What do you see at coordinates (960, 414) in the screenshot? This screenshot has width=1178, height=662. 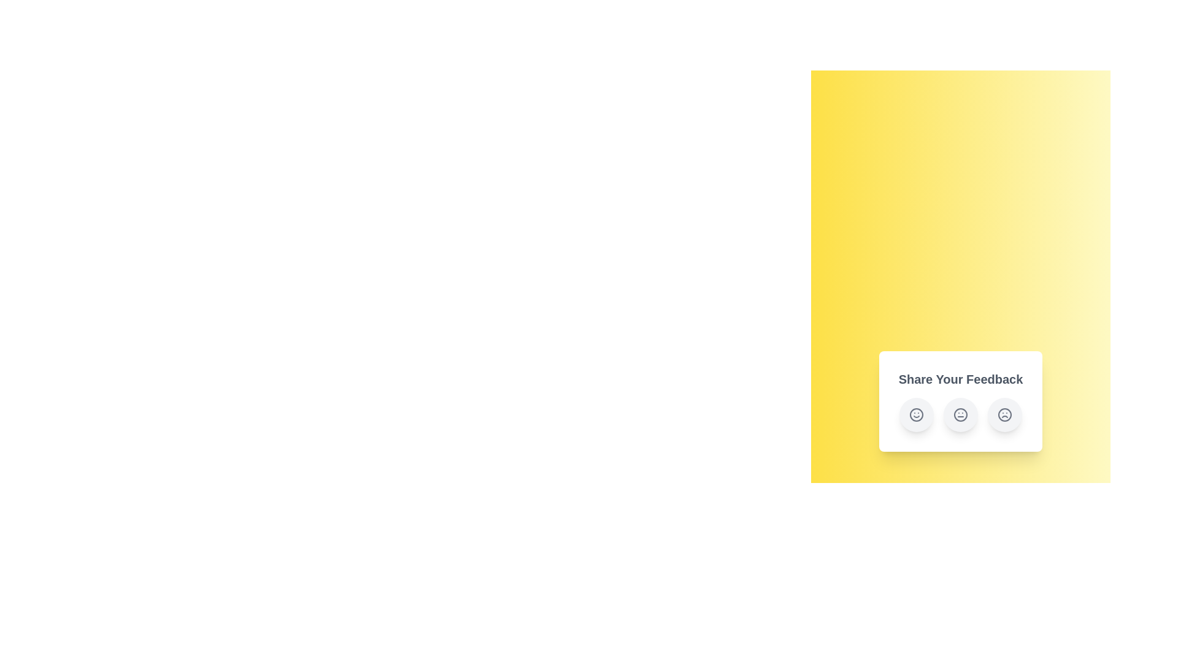 I see `the 'Neutral' feedback button` at bounding box center [960, 414].